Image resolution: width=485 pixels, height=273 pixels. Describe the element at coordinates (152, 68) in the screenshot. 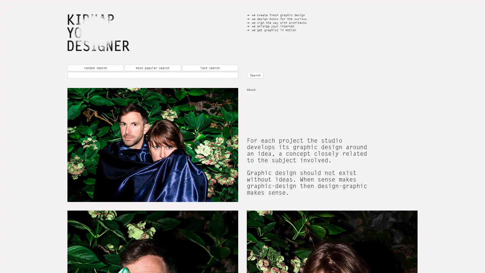

I see `most popular search` at that location.